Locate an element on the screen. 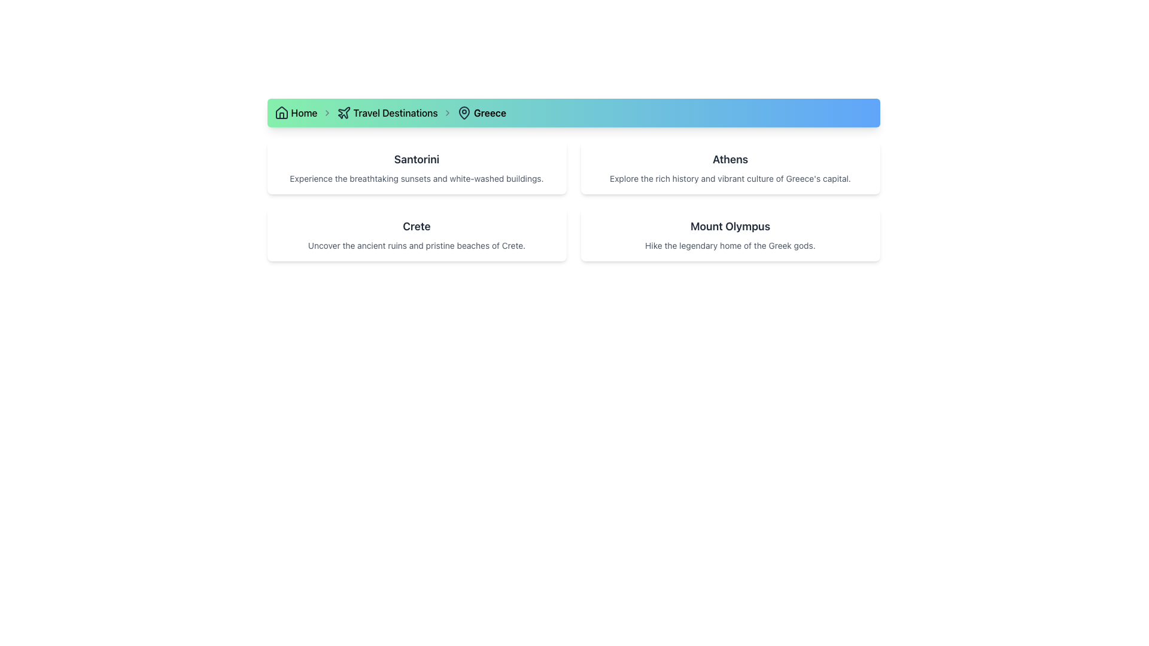 The width and height of the screenshot is (1149, 646). the Card element that serves as a navigational component for 'Athens', located in the top-right quadrant of the layout grid is located at coordinates (729, 168).